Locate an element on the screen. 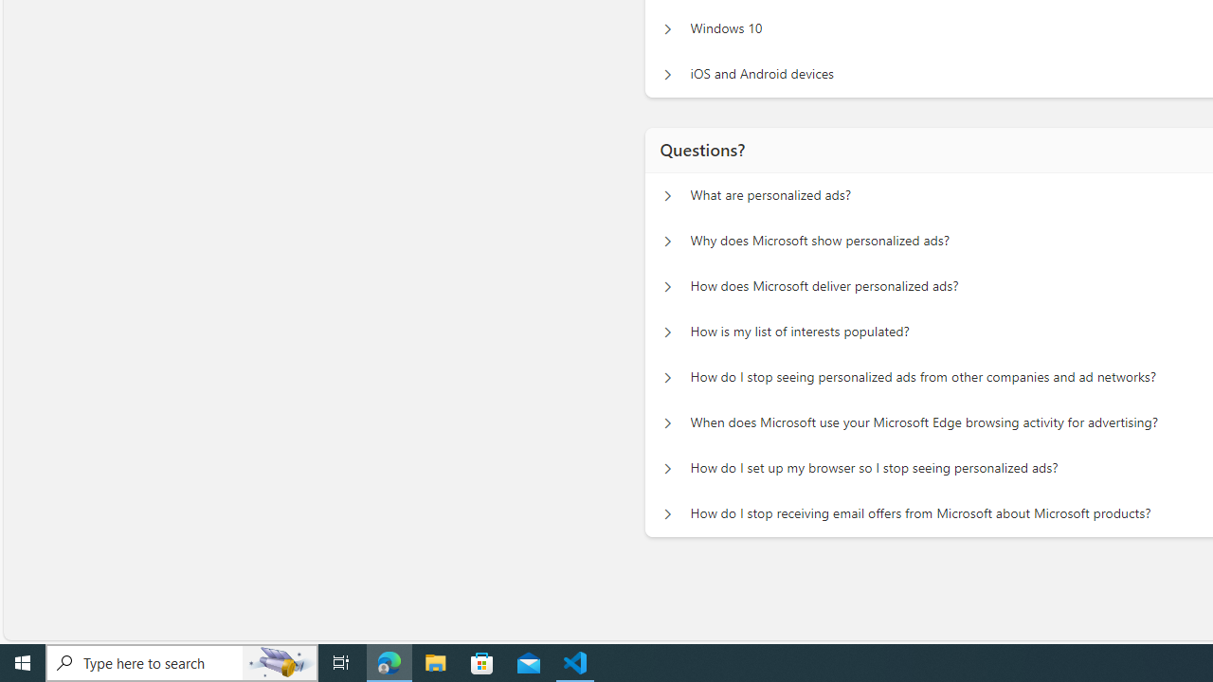  'Manage personalized ads on your device Windows 10' is located at coordinates (667, 28).